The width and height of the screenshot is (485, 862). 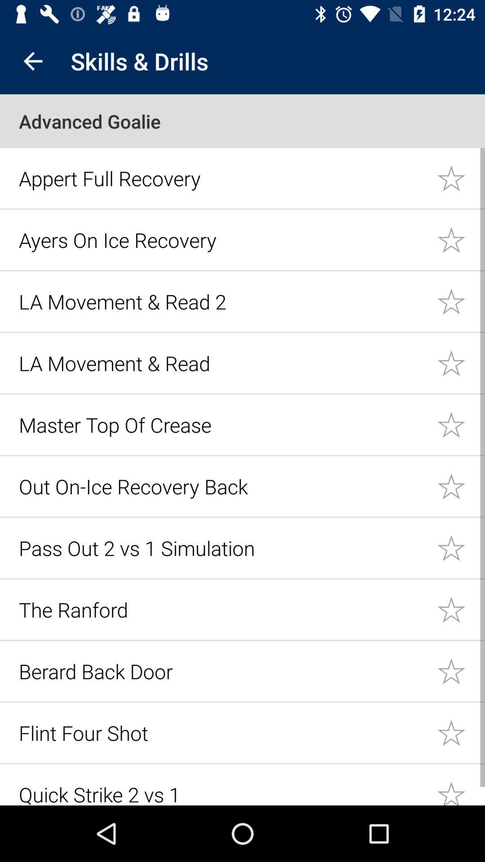 I want to click on the item next to skills & drills item, so click(x=32, y=61).